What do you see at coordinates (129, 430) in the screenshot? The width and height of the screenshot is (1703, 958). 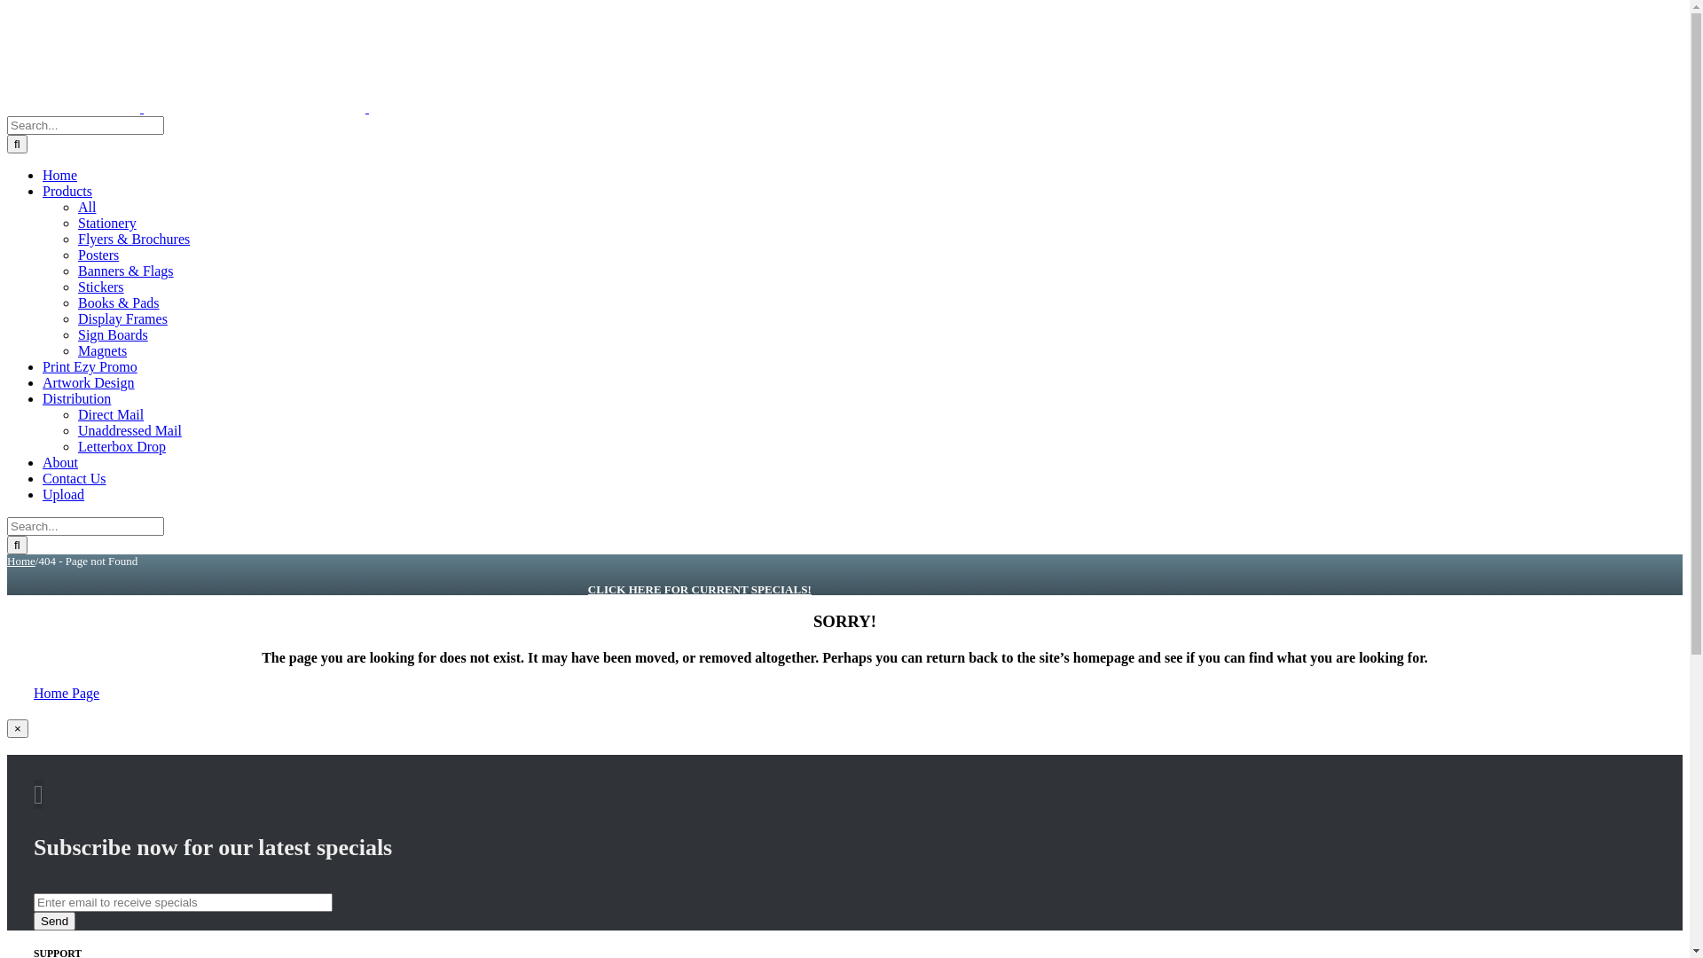 I see `'Unaddressed Mail'` at bounding box center [129, 430].